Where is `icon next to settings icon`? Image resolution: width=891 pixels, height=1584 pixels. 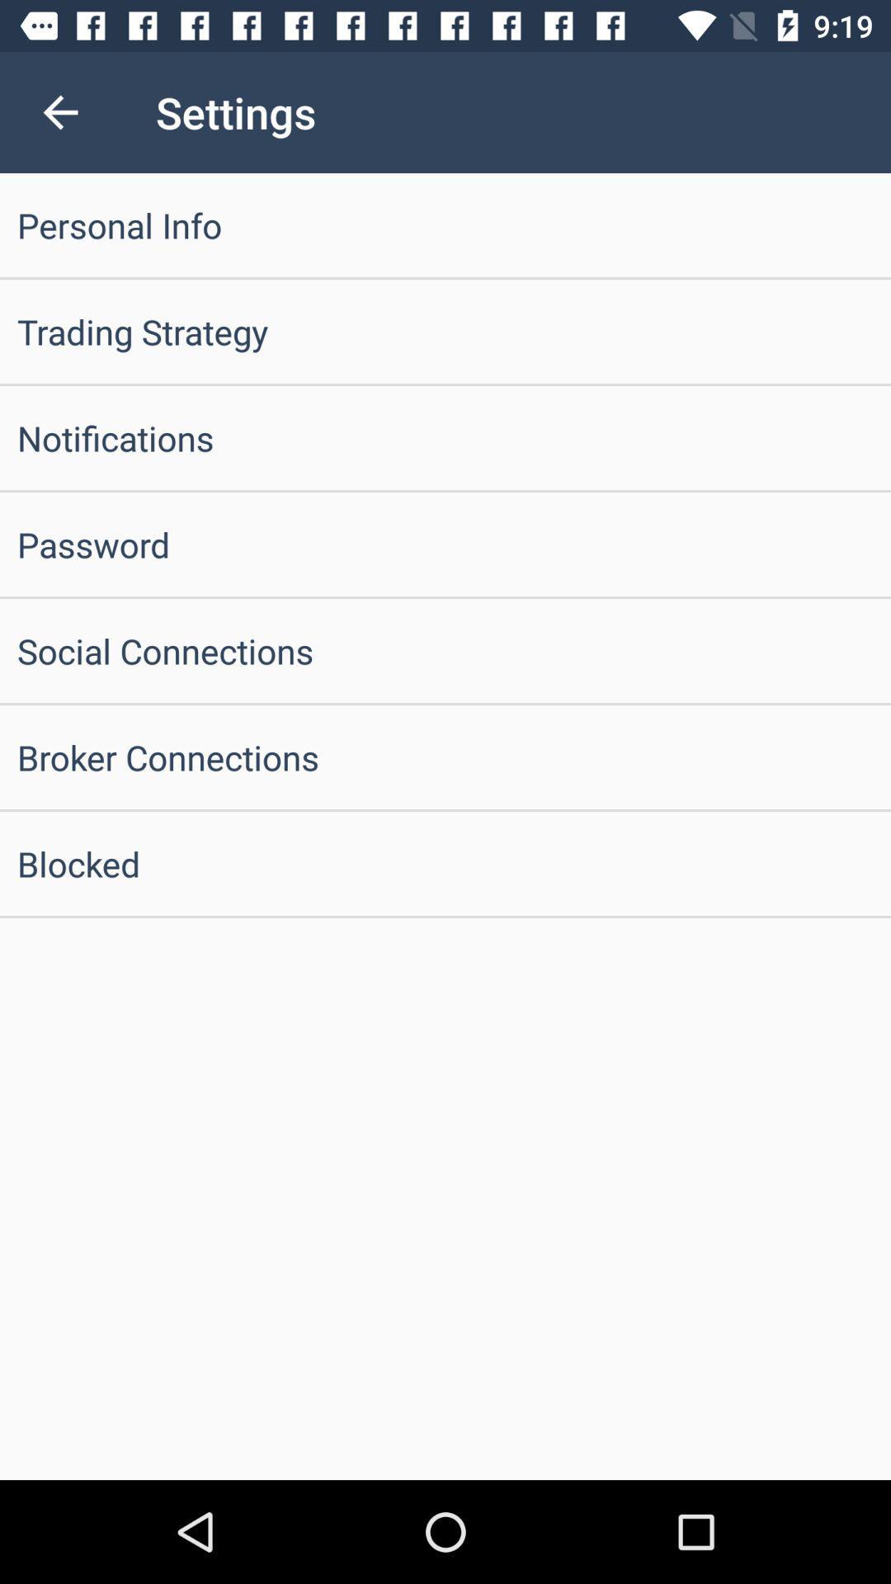 icon next to settings icon is located at coordinates (59, 111).